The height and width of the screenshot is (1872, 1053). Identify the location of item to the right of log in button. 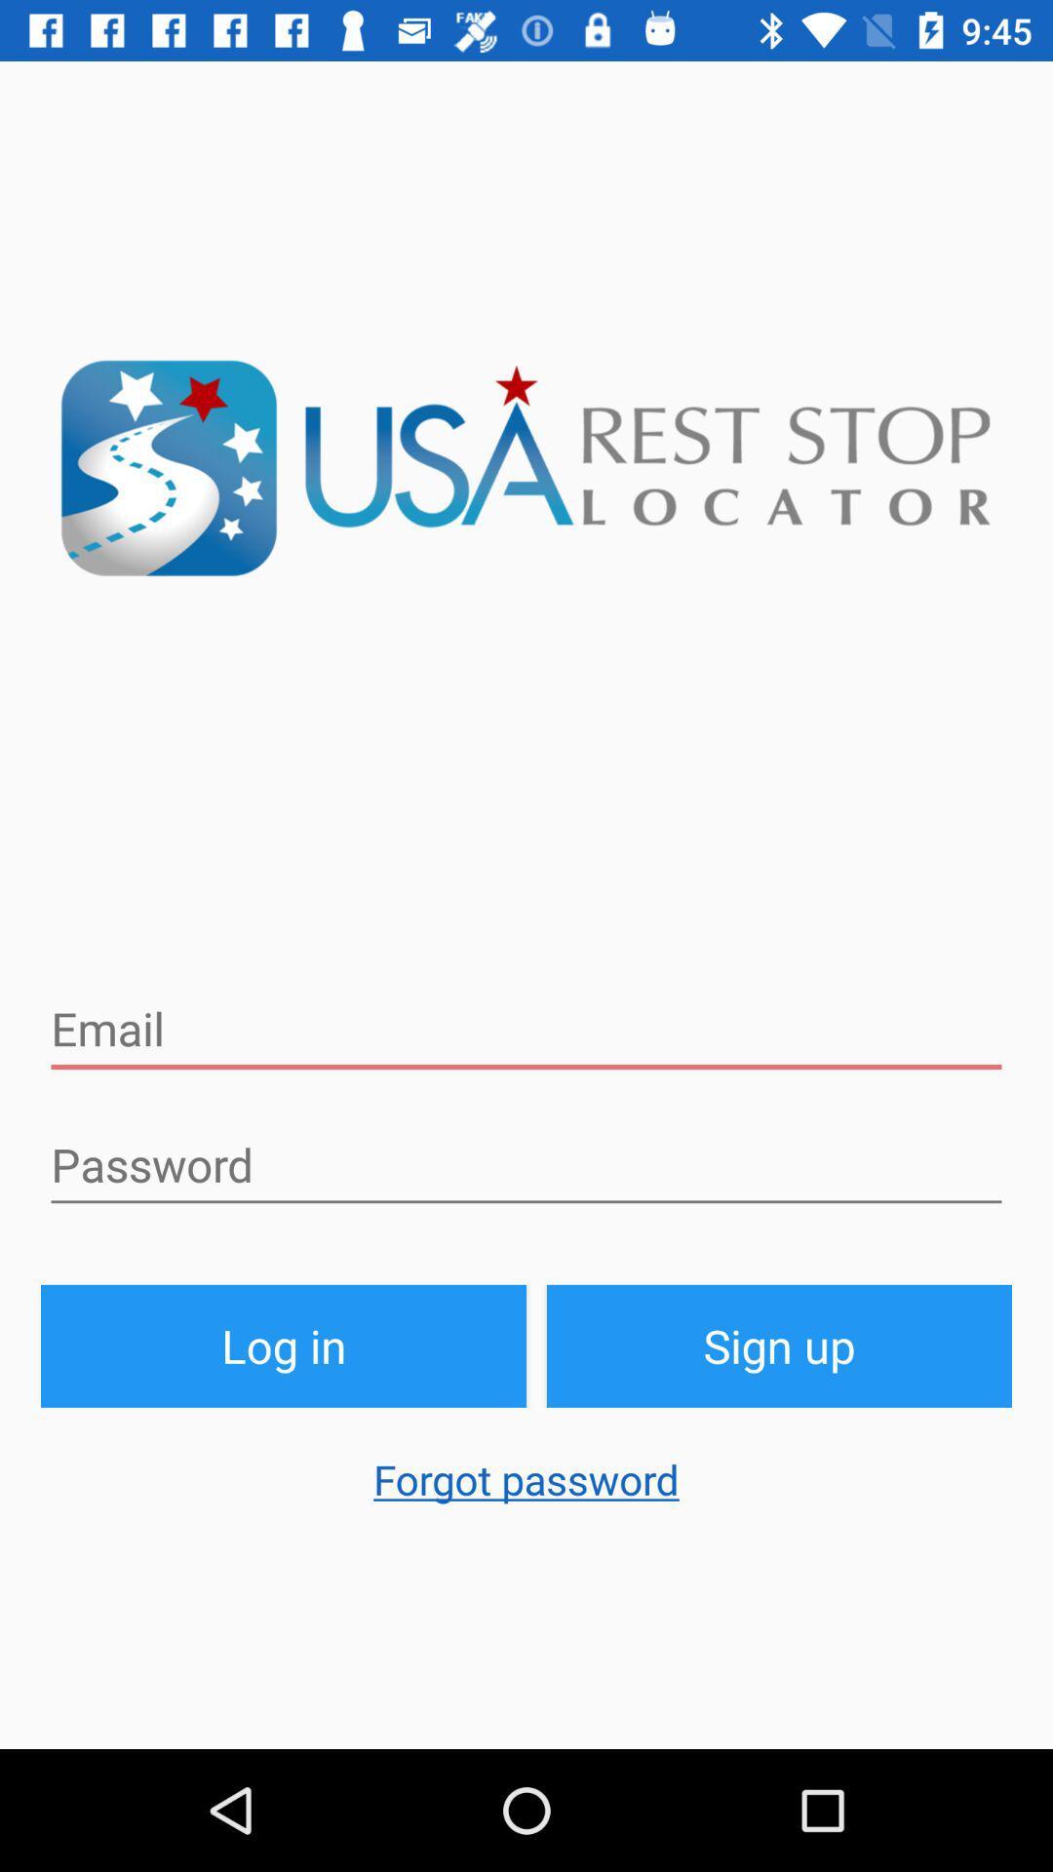
(778, 1345).